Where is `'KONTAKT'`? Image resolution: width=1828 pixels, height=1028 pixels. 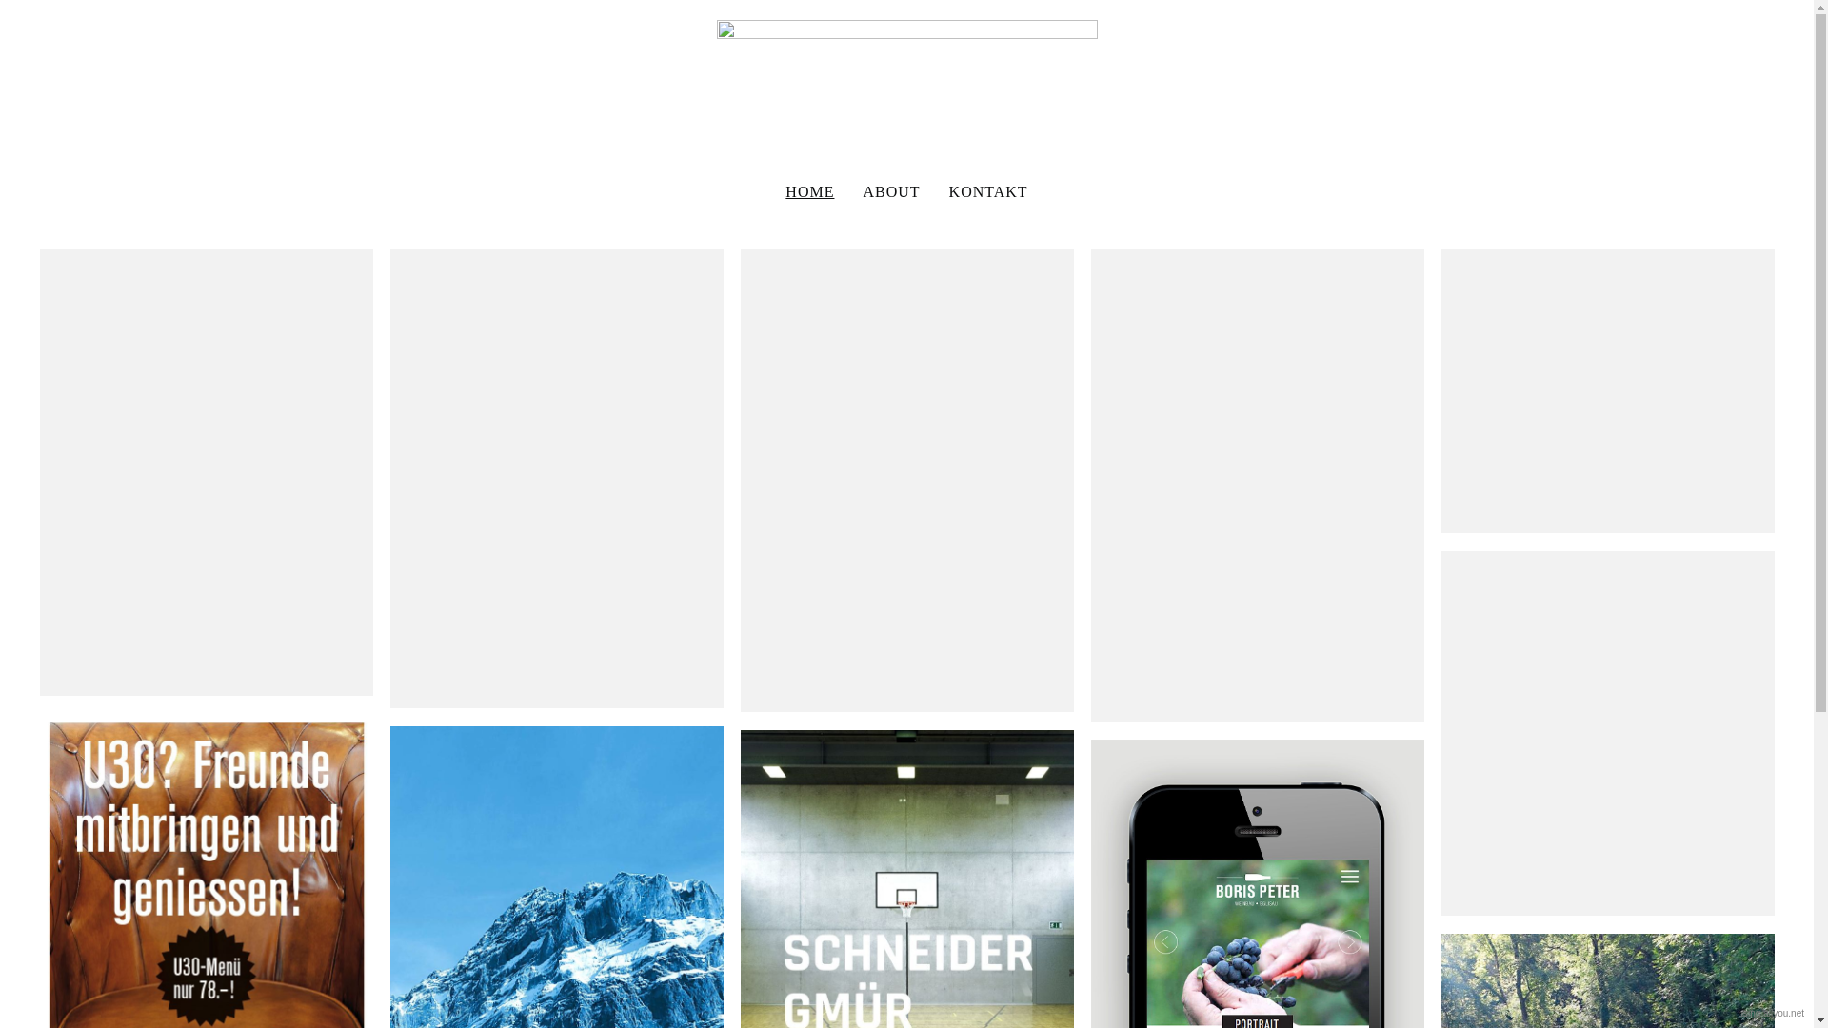
'KONTAKT' is located at coordinates (988, 191).